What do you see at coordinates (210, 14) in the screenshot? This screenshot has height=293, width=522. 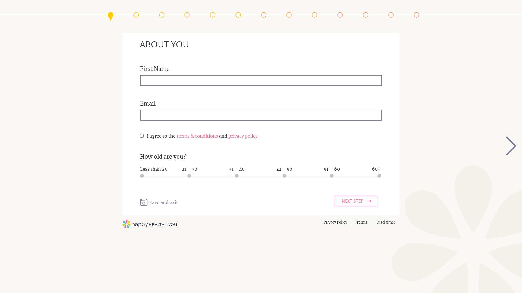 I see `'Neurological System'` at bounding box center [210, 14].